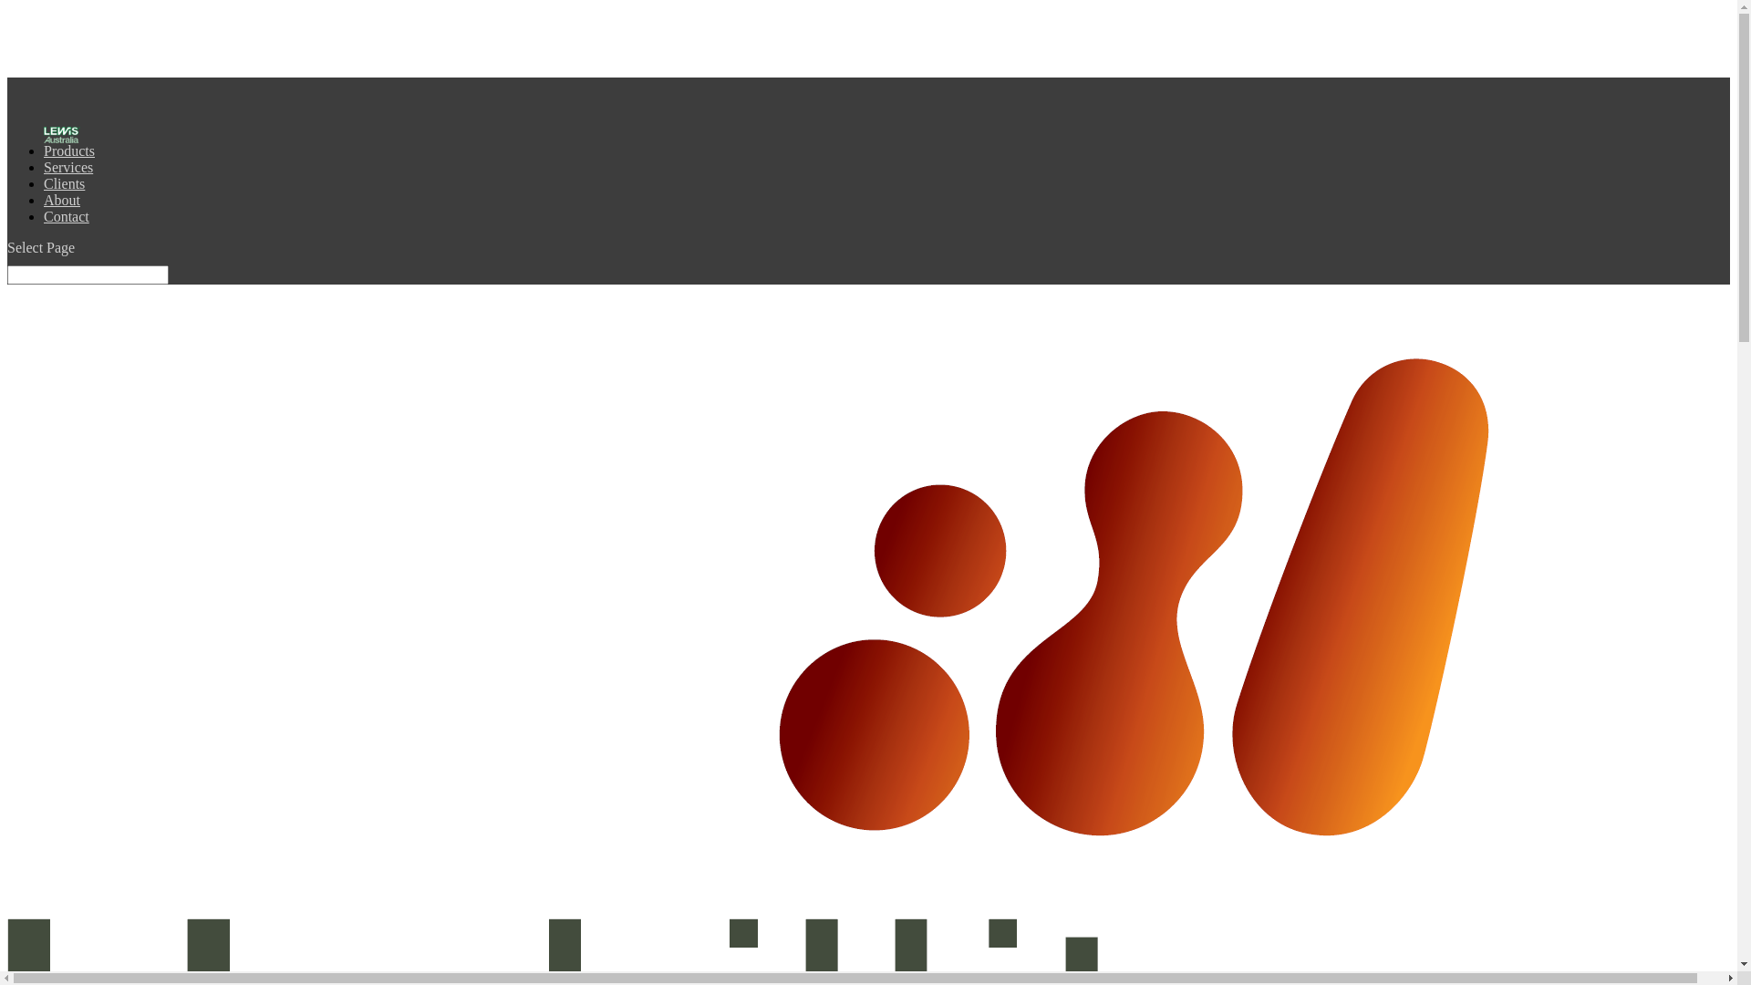 This screenshot has height=985, width=1751. I want to click on 'Clients', so click(64, 193).